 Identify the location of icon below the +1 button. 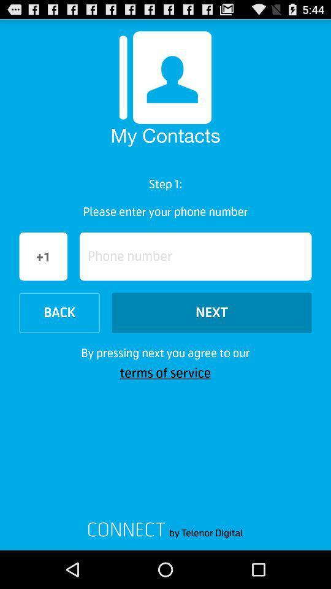
(59, 312).